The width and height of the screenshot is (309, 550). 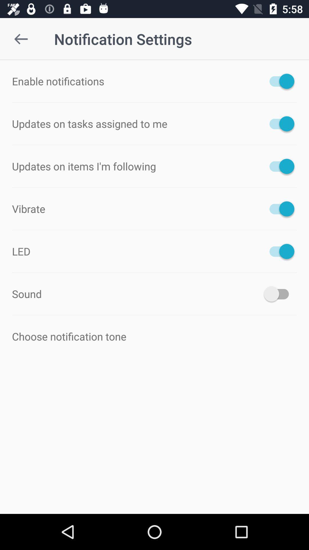 I want to click on item to the right of the led, so click(x=279, y=251).